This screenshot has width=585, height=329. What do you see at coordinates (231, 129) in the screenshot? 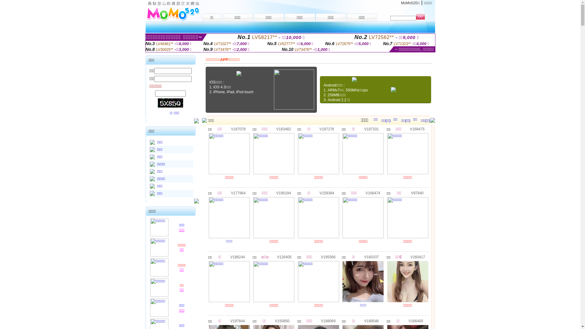
I see `'V187078'` at bounding box center [231, 129].